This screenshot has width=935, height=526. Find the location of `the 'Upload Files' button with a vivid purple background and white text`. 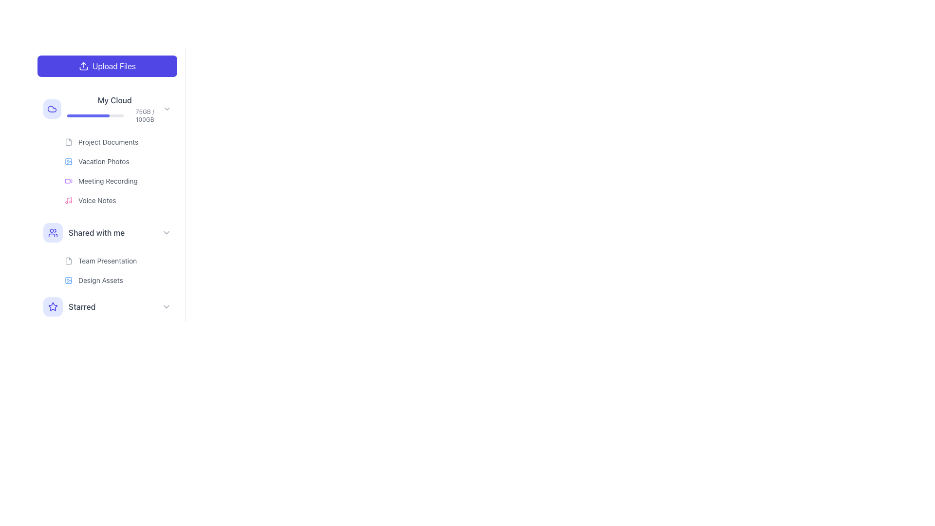

the 'Upload Files' button with a vivid purple background and white text is located at coordinates (107, 66).